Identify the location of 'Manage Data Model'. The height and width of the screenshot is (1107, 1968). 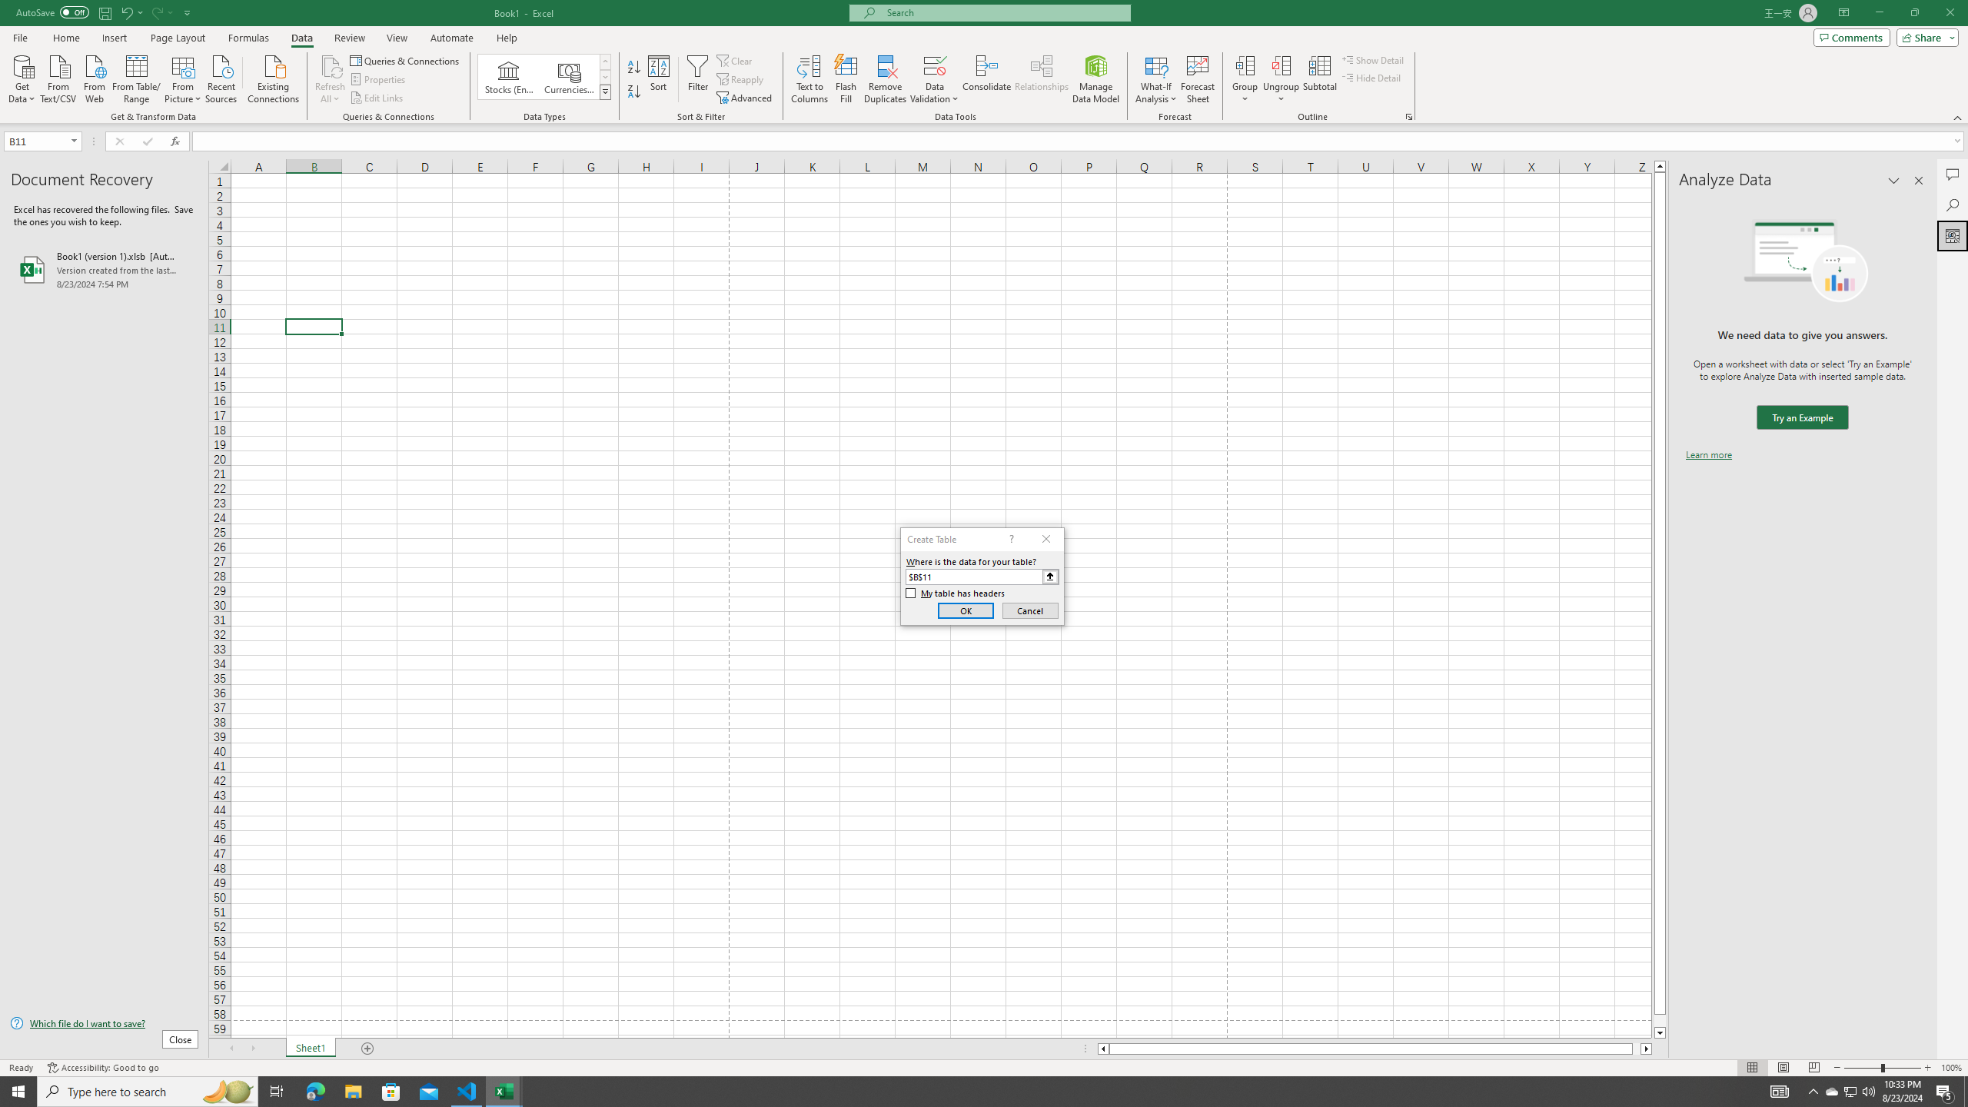
(1095, 79).